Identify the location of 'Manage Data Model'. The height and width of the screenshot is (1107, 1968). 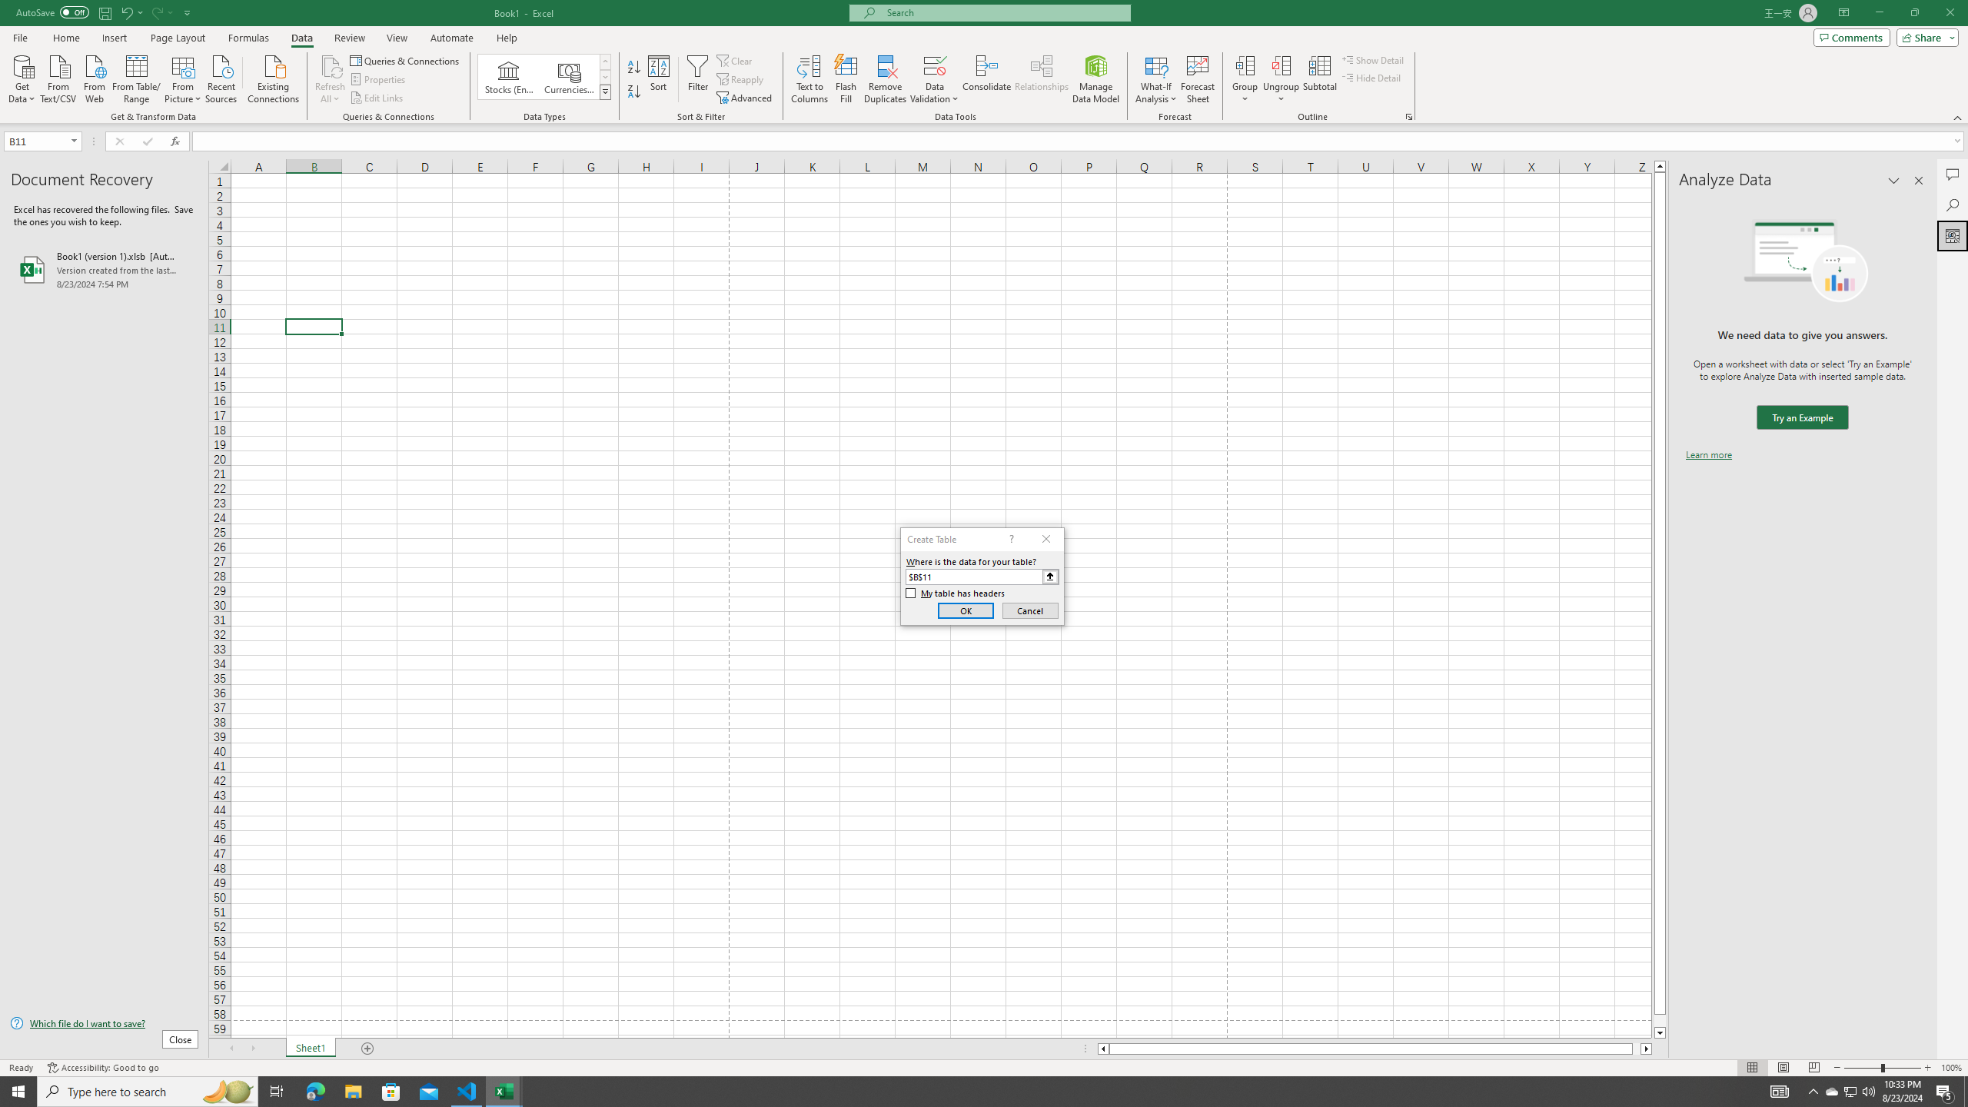
(1095, 79).